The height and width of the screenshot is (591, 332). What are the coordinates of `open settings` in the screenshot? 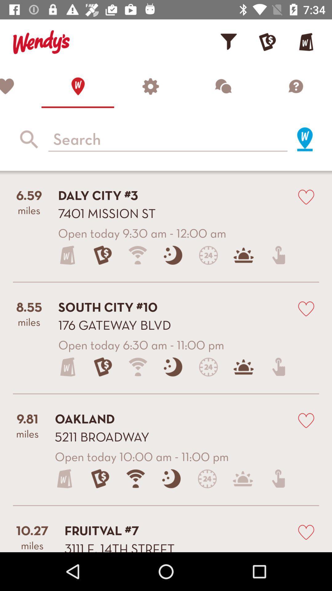 It's located at (150, 86).